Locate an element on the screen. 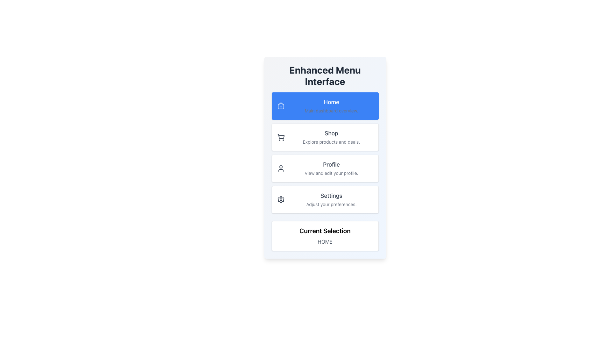  the descriptive text label element located below the 'Settings' title, which clarifies the section's purpose is located at coordinates (331, 204).